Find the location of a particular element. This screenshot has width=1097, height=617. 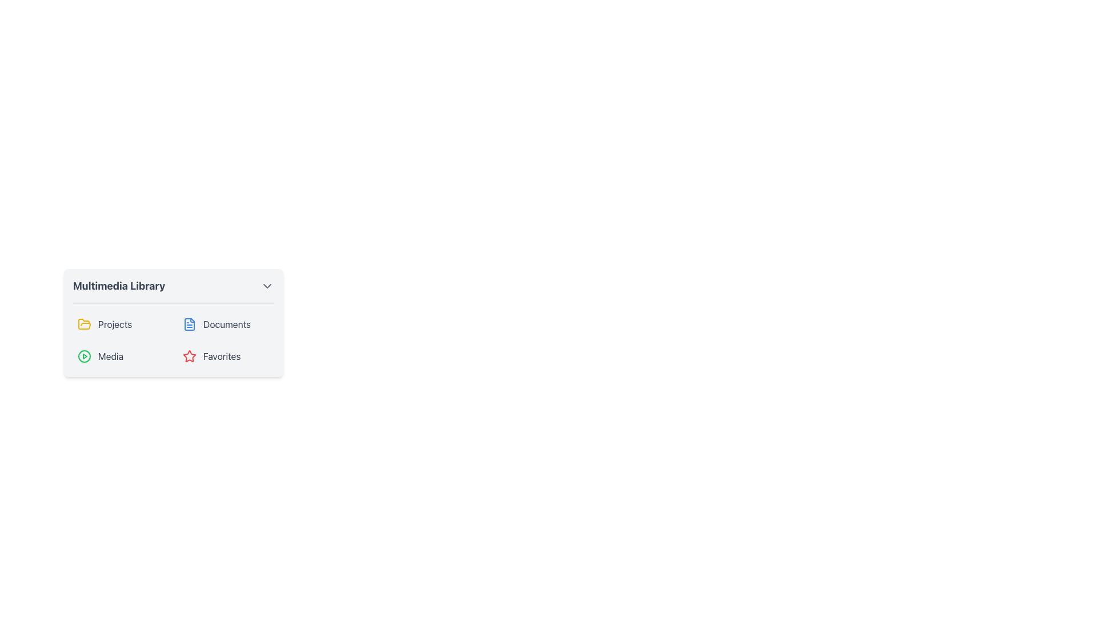

the red star icon next to the label 'Favorites' in the Multimedia Library is located at coordinates (226, 356).